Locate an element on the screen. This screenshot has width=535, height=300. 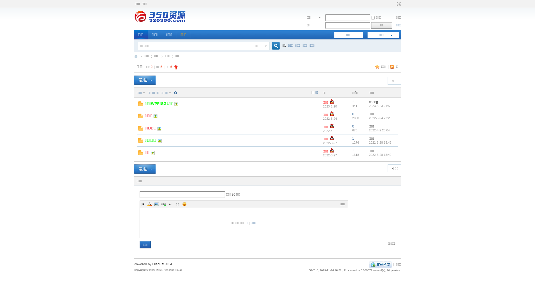
'2022-3-28 15:42' is located at coordinates (380, 154).